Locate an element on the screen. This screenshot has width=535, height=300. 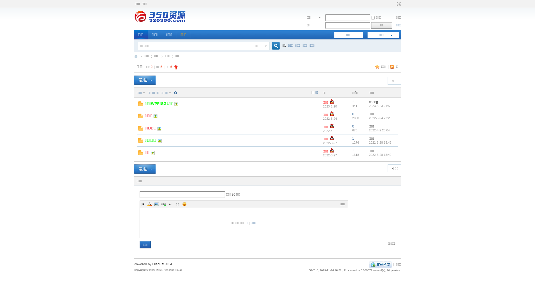
'2022-3-28 15:42' is located at coordinates (380, 154).